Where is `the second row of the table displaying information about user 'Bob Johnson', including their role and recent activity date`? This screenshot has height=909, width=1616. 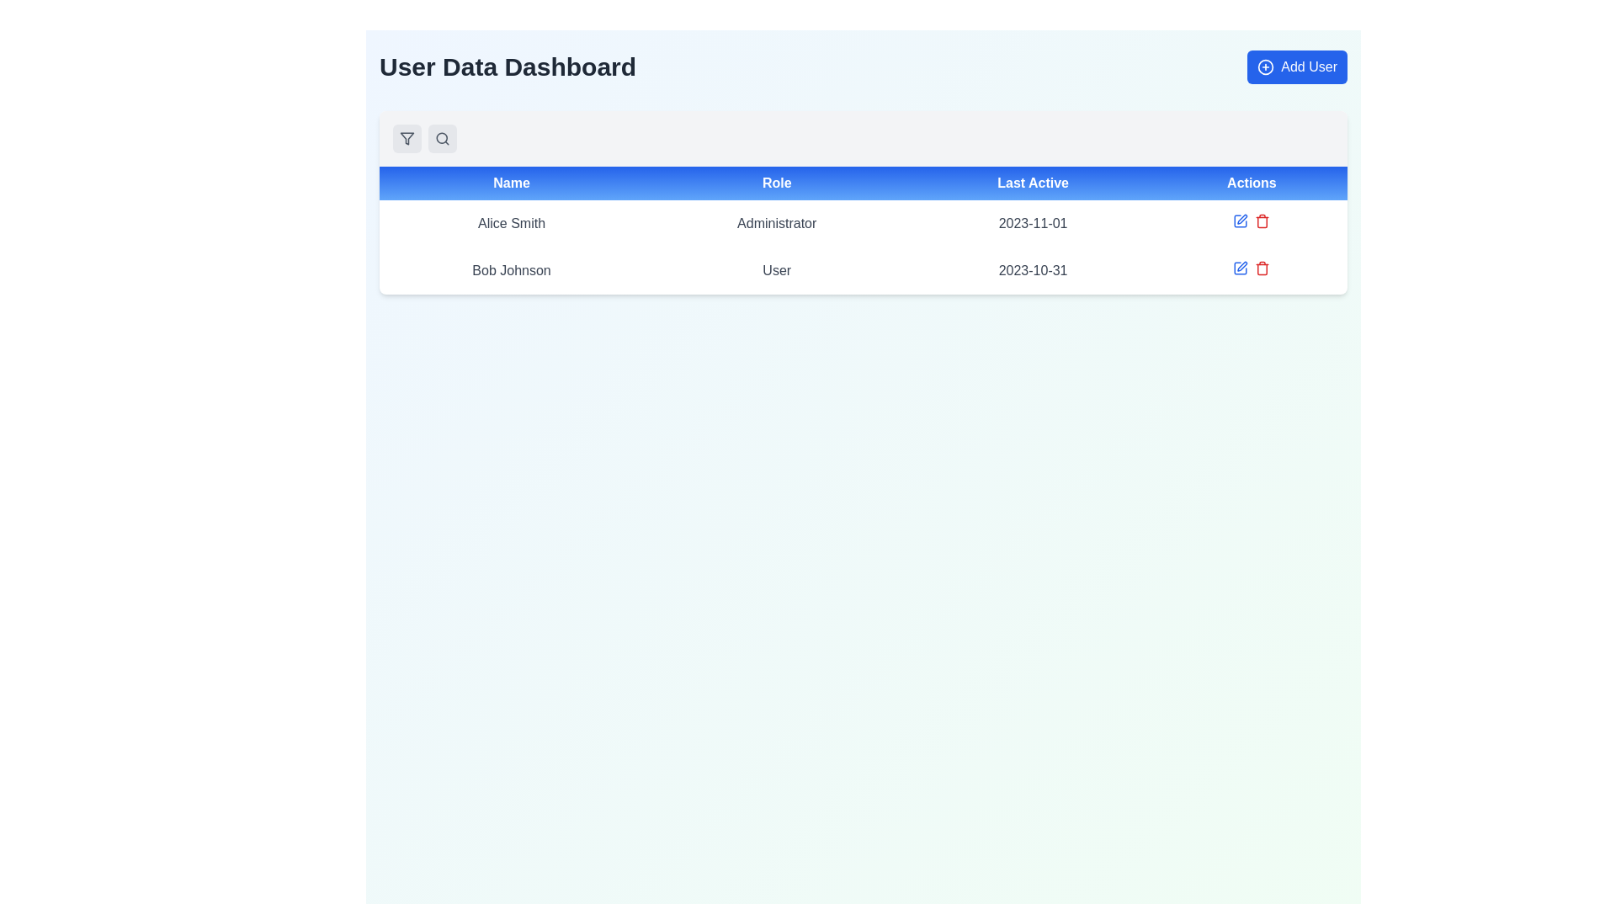 the second row of the table displaying information about user 'Bob Johnson', including their role and recent activity date is located at coordinates (864, 269).